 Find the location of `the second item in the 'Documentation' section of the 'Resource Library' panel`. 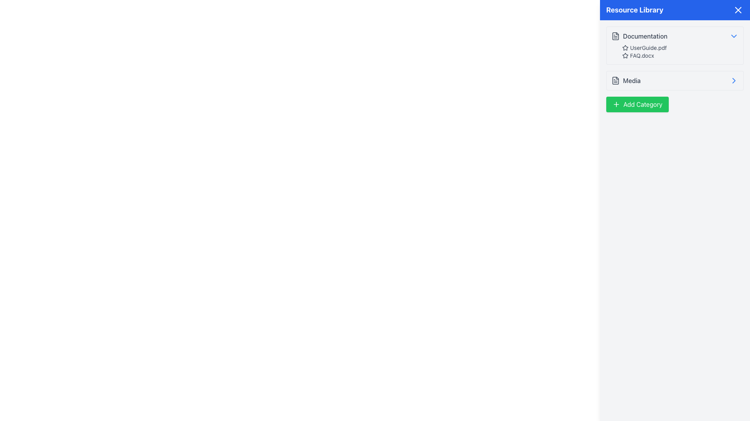

the second item in the 'Documentation' section of the 'Resource Library' panel is located at coordinates (680, 51).